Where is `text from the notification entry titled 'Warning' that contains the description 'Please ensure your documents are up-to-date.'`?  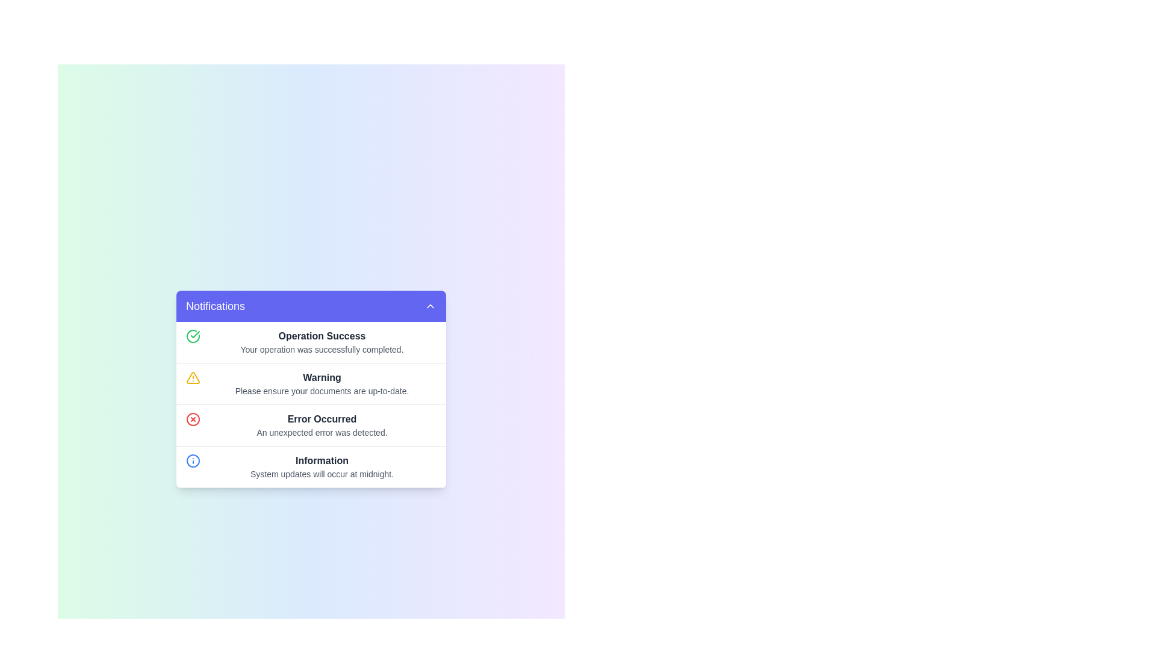
text from the notification entry titled 'Warning' that contains the description 'Please ensure your documents are up-to-date.' is located at coordinates (322, 383).